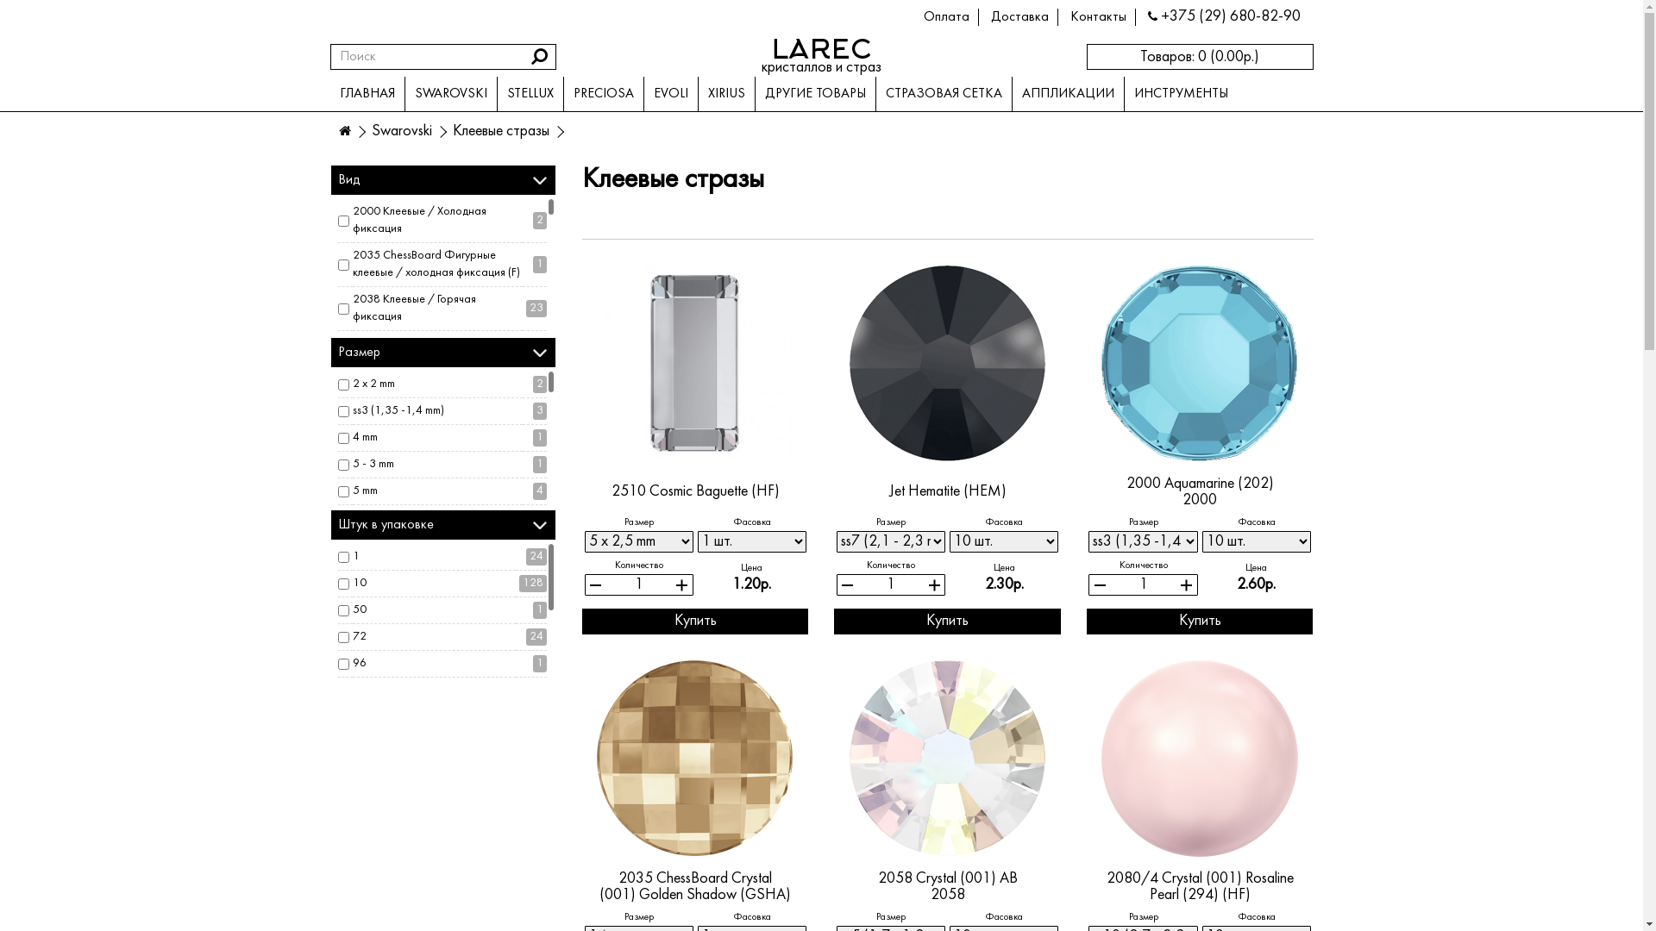  What do you see at coordinates (724, 93) in the screenshot?
I see `'XIRIUS'` at bounding box center [724, 93].